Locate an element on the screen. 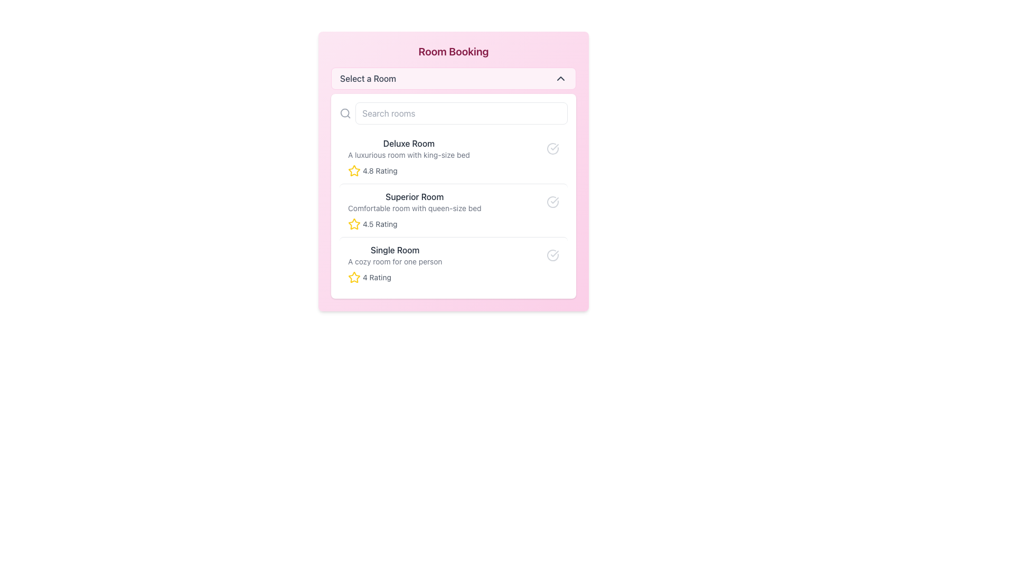  the circular checkmark icon that is light gray and located to the right of the 'Deluxe Room' list item is located at coordinates (552, 148).